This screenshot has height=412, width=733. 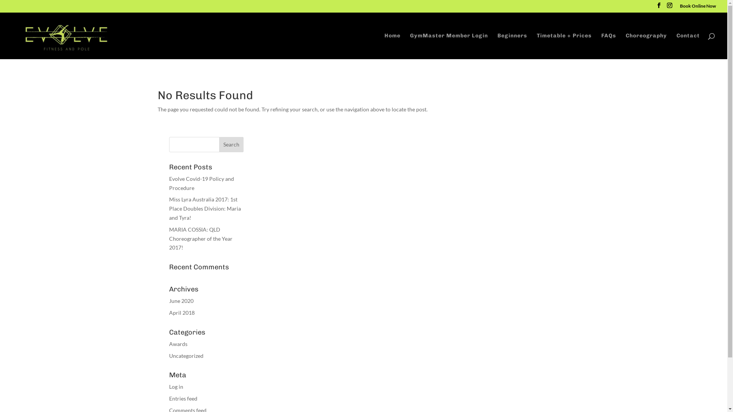 What do you see at coordinates (186, 356) in the screenshot?
I see `'Uncategorized'` at bounding box center [186, 356].